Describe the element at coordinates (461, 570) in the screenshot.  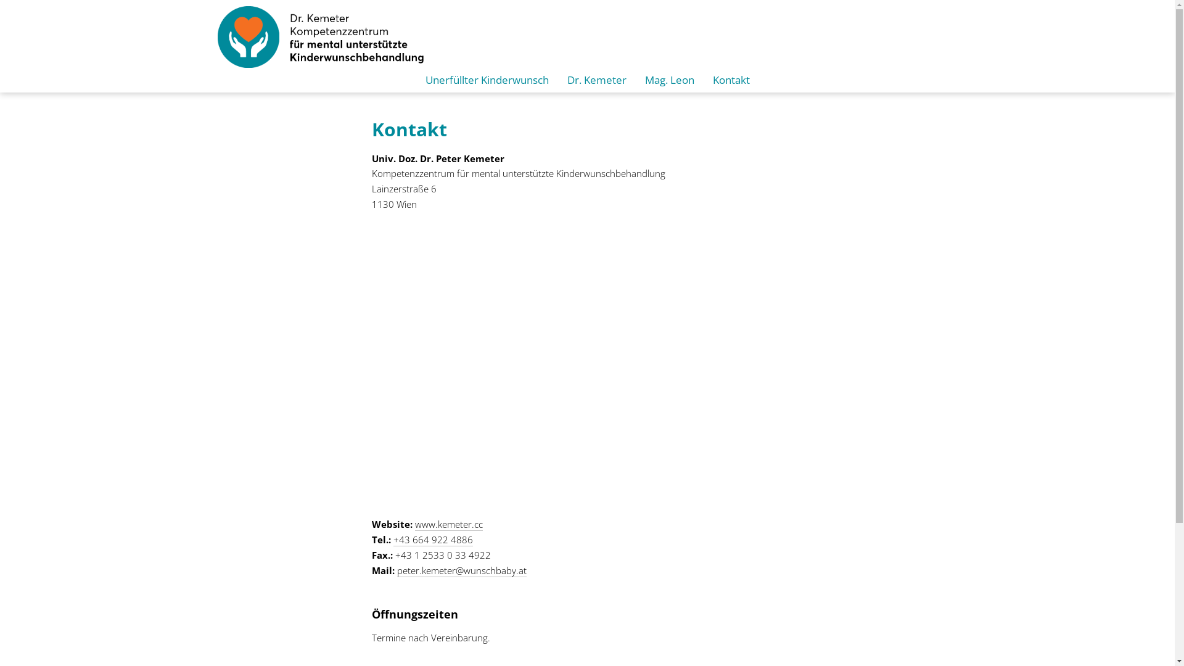
I see `'peter.kemeter@wunschbaby.at'` at that location.